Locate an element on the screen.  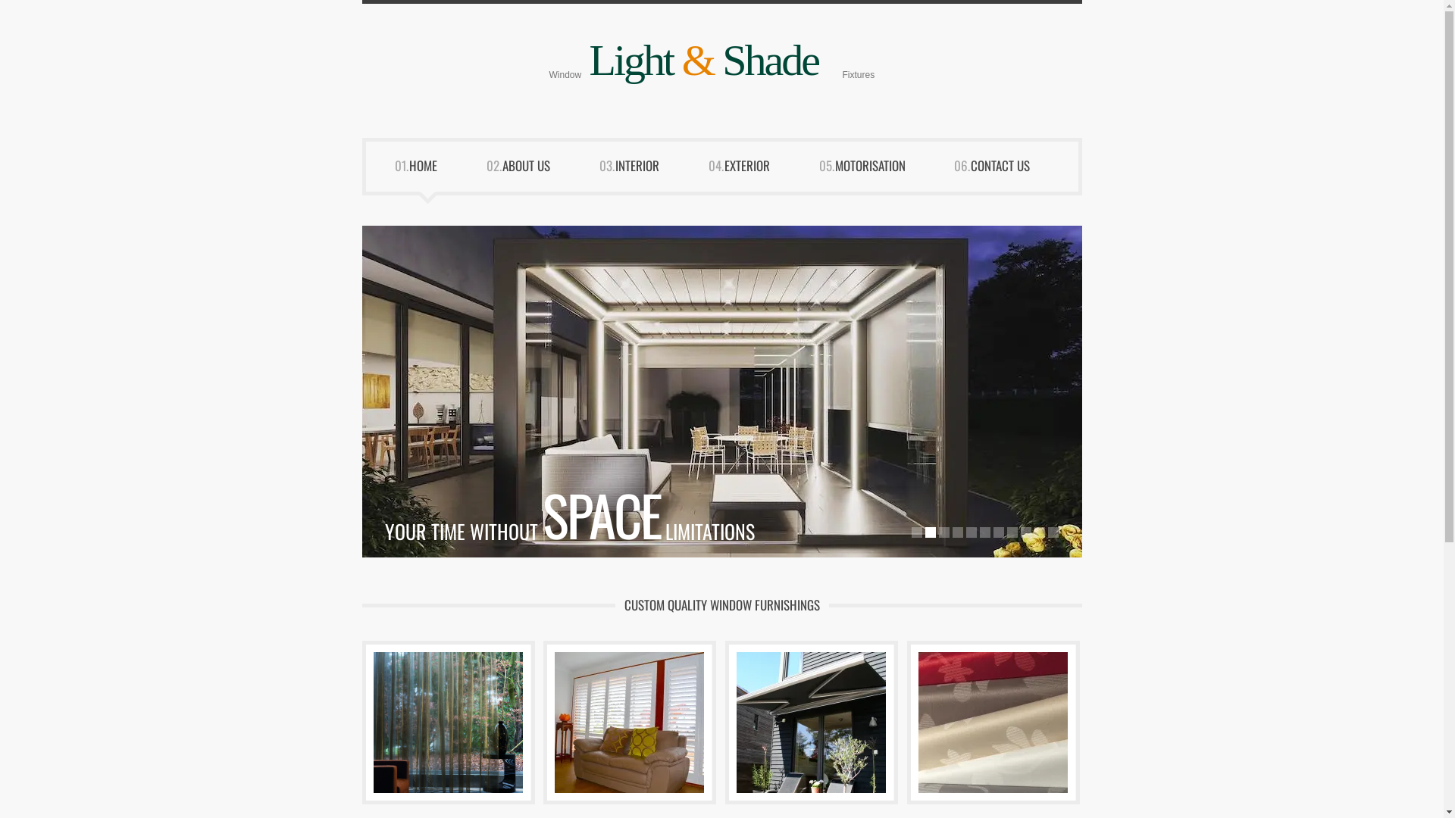
'EXTERIOR' is located at coordinates (758, 171).